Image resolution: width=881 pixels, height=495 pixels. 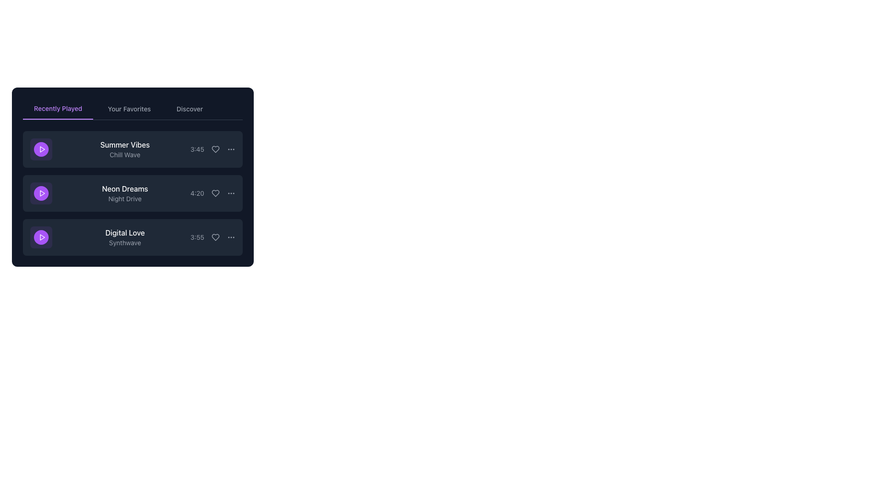 I want to click on the play button located at the leftmost start of the 'Summer Vibes' row, so click(x=41, y=149).